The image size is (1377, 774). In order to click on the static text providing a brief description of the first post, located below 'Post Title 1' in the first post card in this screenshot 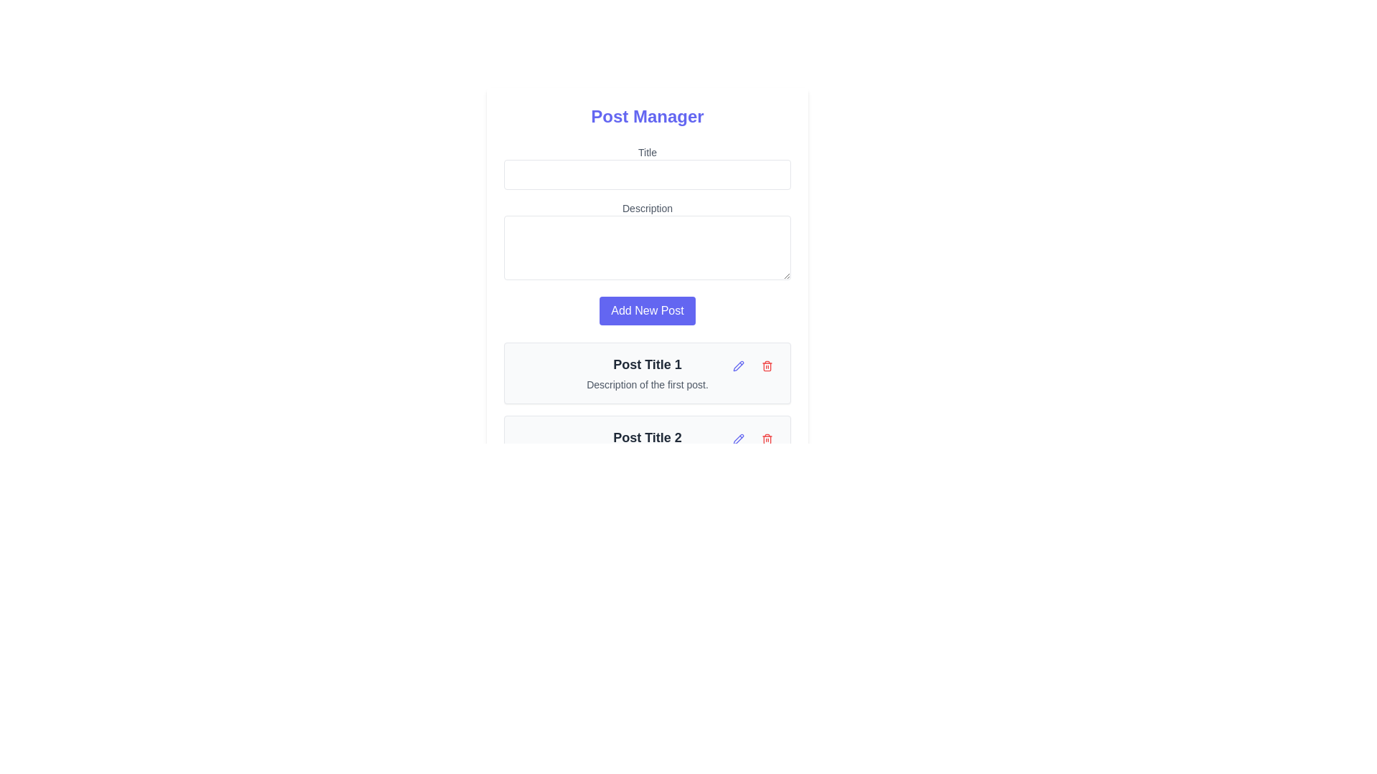, I will do `click(646, 383)`.